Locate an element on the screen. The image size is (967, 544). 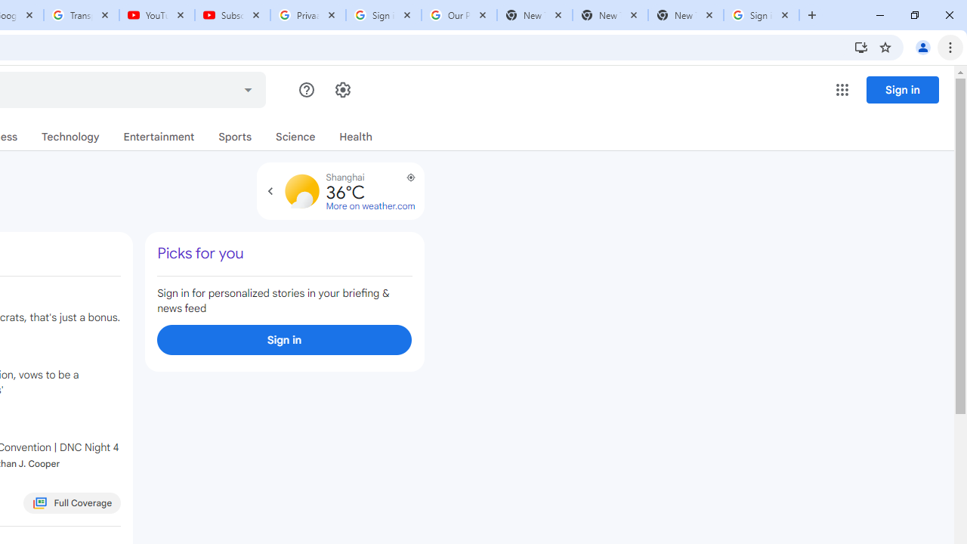
'Expand to view forecast' is located at coordinates (270, 190).